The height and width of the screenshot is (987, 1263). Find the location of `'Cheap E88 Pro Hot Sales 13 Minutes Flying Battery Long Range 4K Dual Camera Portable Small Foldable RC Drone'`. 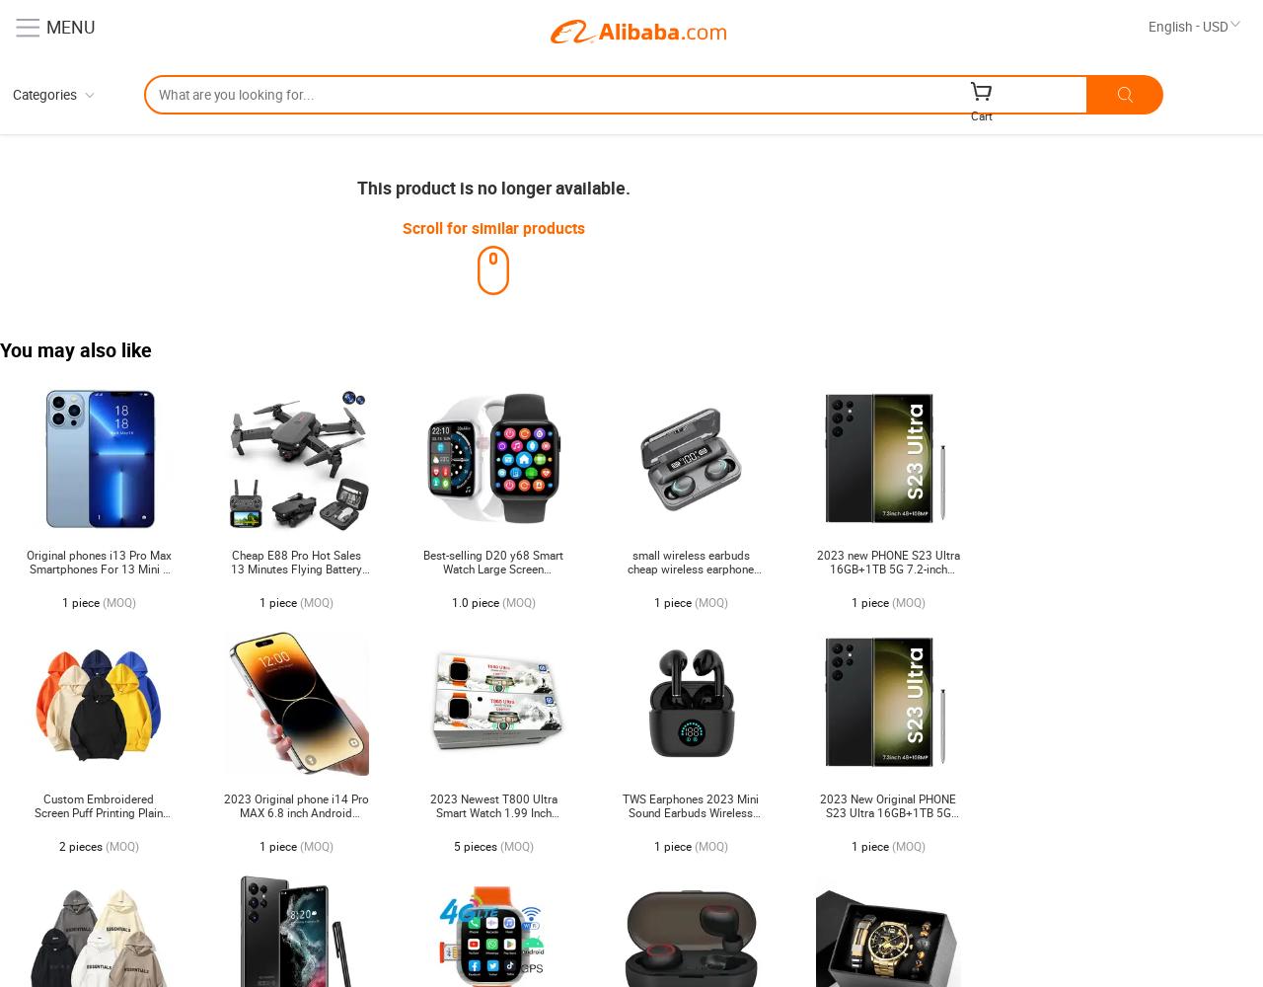

'Cheap E88 Pro Hot Sales 13 Minutes Flying Battery Long Range 4K Dual Camera Portable Small Foldable RC Drone' is located at coordinates (294, 581).